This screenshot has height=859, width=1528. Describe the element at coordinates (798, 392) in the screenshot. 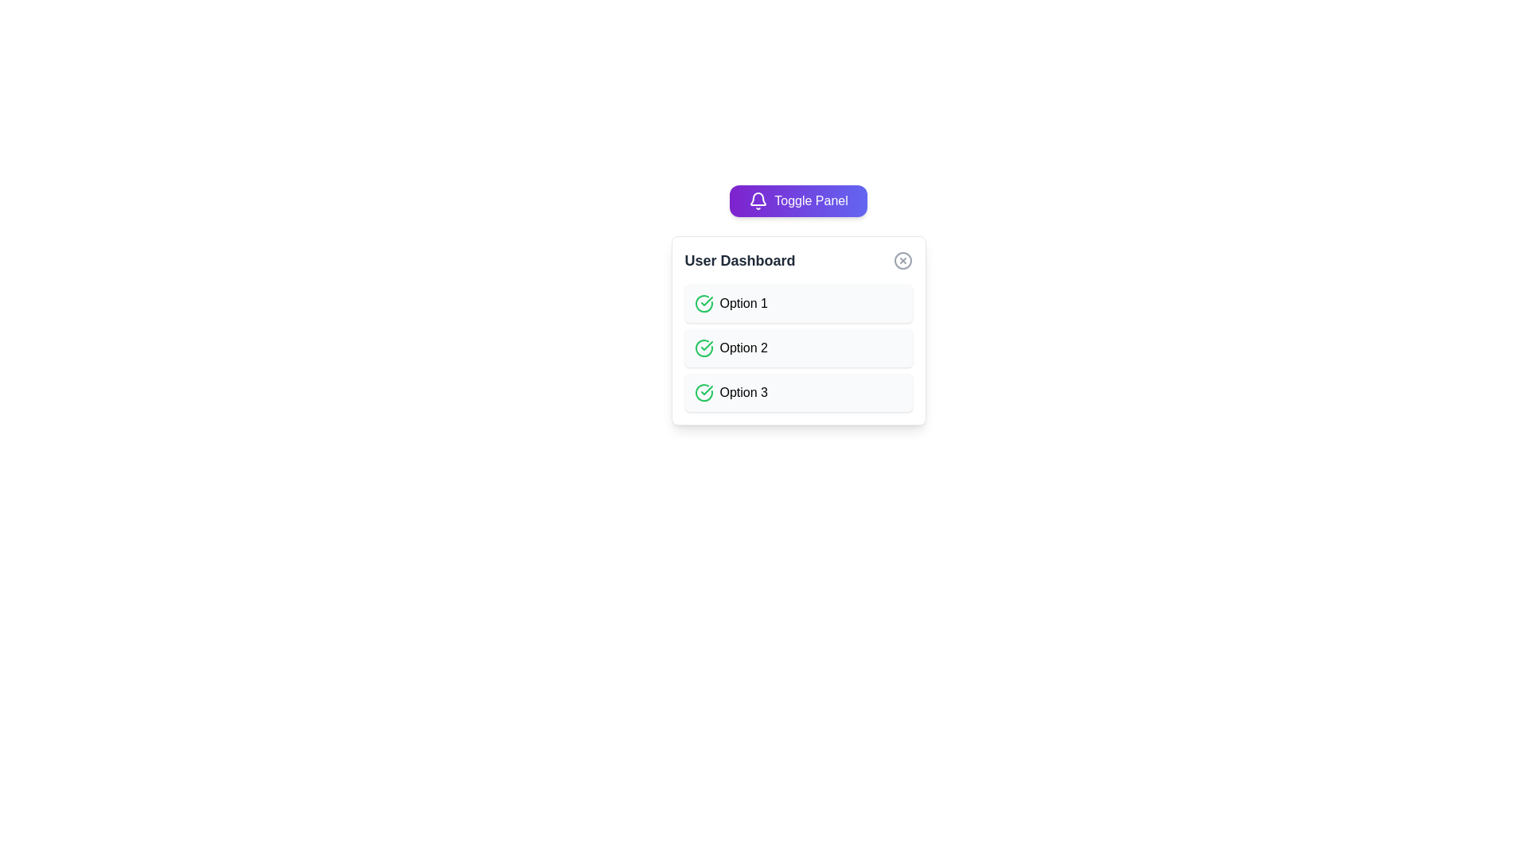

I see `the List Item element labeled 'Option 3', which is the third item in a vertically stacked list on the User Dashboard` at that location.